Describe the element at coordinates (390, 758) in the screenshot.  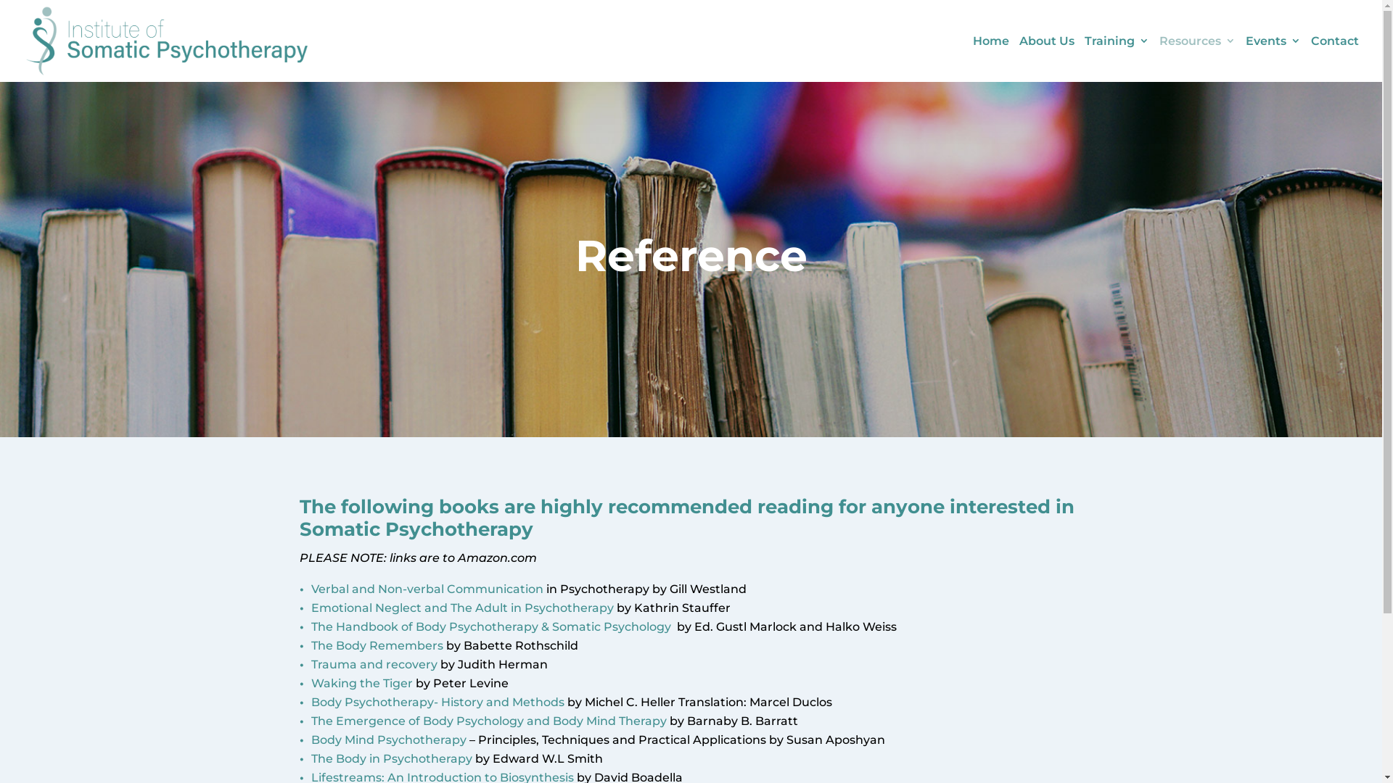
I see `'The Body in Psychotherapy'` at that location.